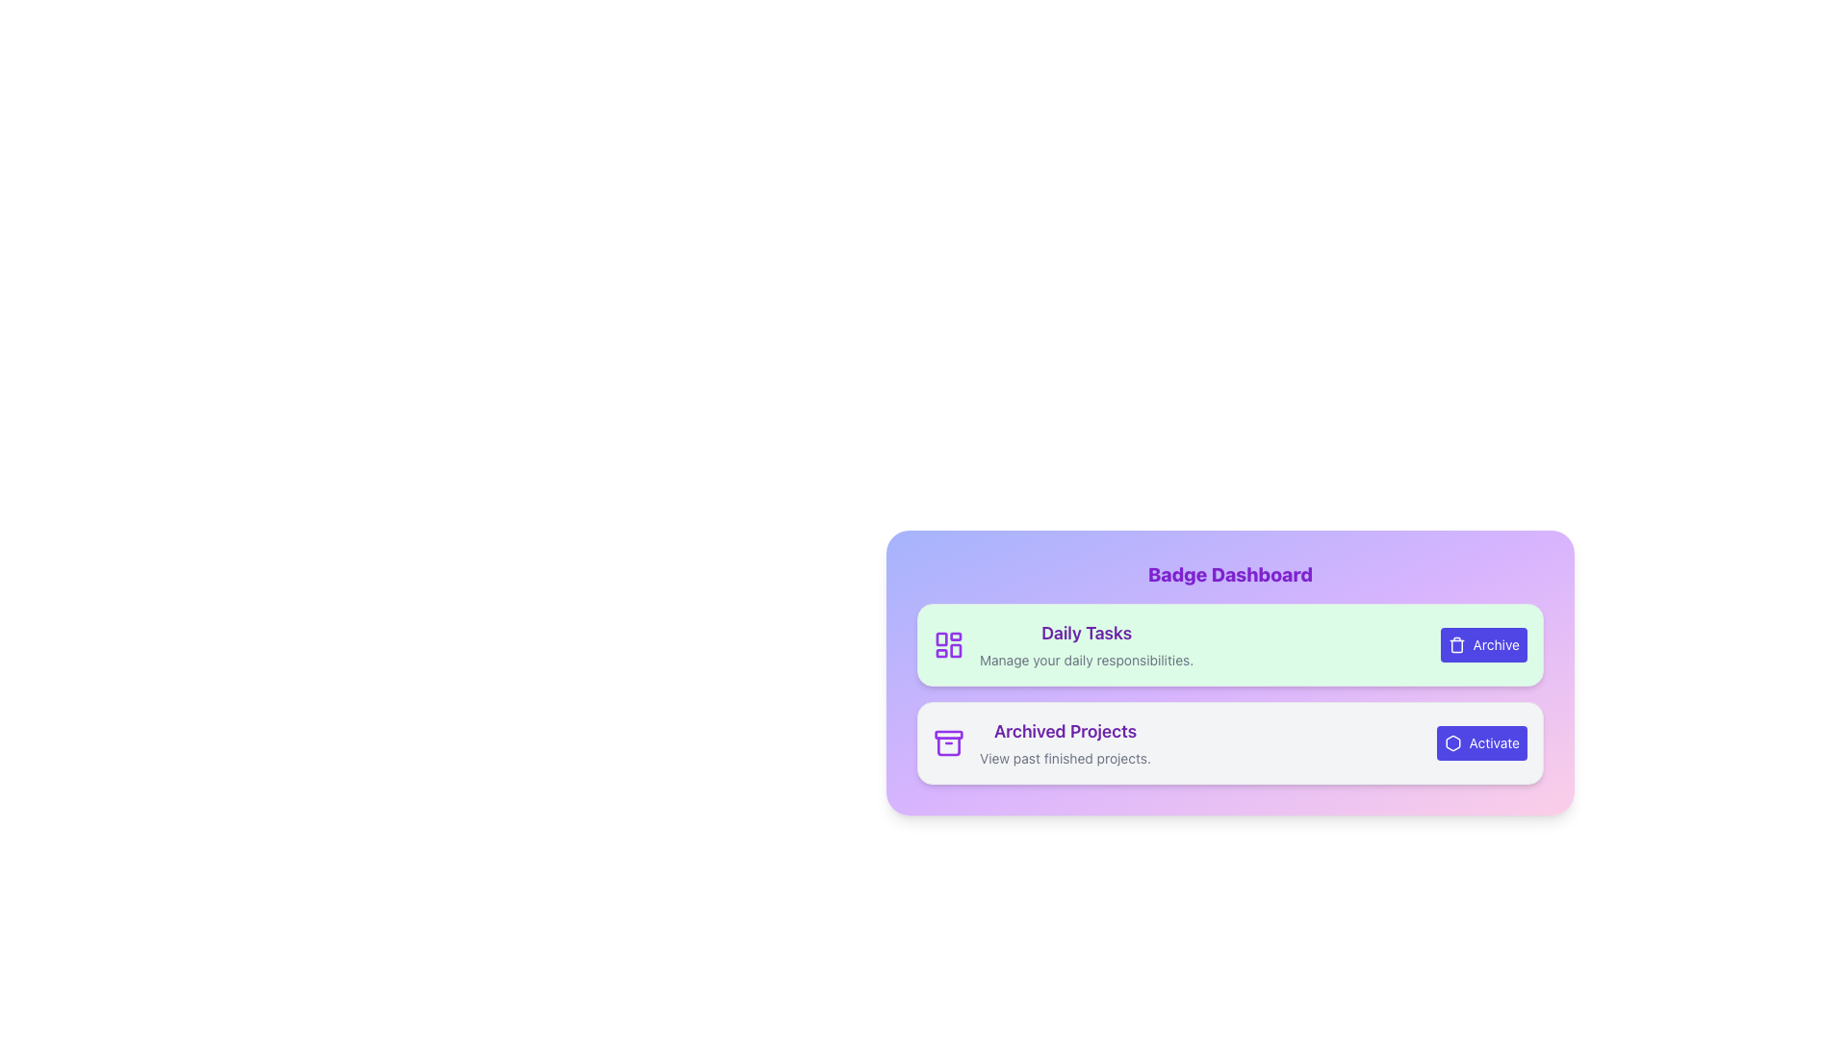 Image resolution: width=1848 pixels, height=1040 pixels. What do you see at coordinates (1041, 741) in the screenshot?
I see `information displayed in the 'Archived Projects' information block, which contains the title in purple and subtext in gray, located in the card interface below the 'Daily Tasks' card` at bounding box center [1041, 741].